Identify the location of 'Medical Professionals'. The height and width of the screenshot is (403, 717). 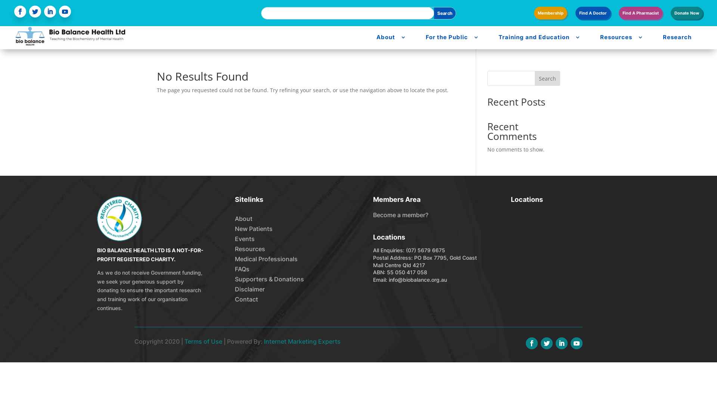
(234, 259).